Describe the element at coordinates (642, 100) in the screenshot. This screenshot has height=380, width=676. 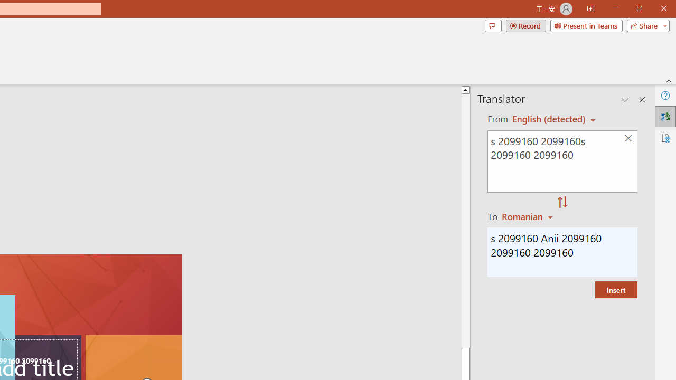
I see `'Close pane'` at that location.